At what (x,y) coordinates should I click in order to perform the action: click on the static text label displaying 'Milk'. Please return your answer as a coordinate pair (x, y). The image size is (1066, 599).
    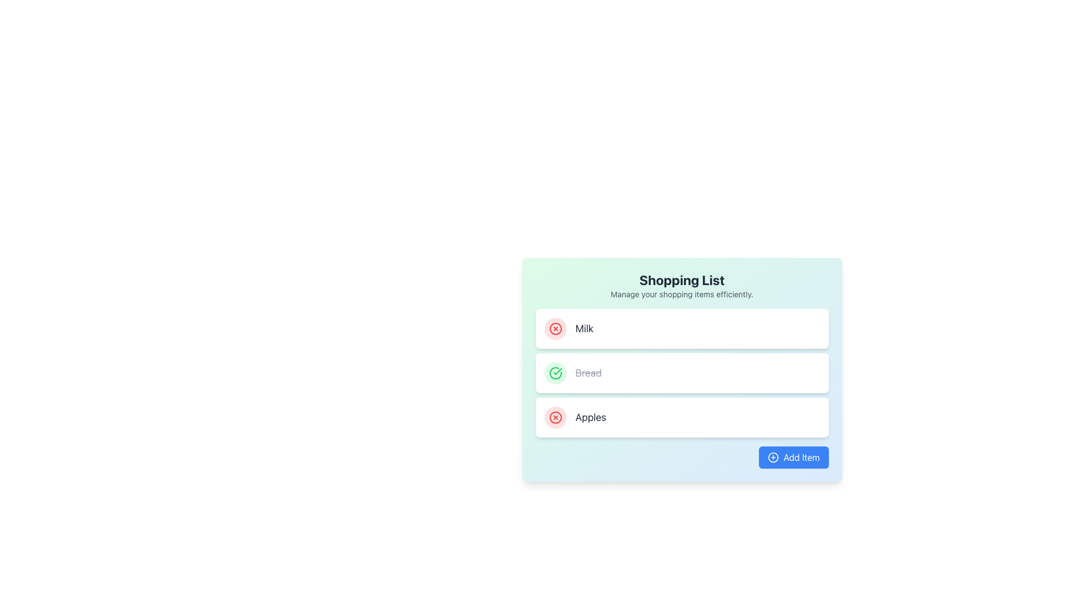
    Looking at the image, I should click on (584, 328).